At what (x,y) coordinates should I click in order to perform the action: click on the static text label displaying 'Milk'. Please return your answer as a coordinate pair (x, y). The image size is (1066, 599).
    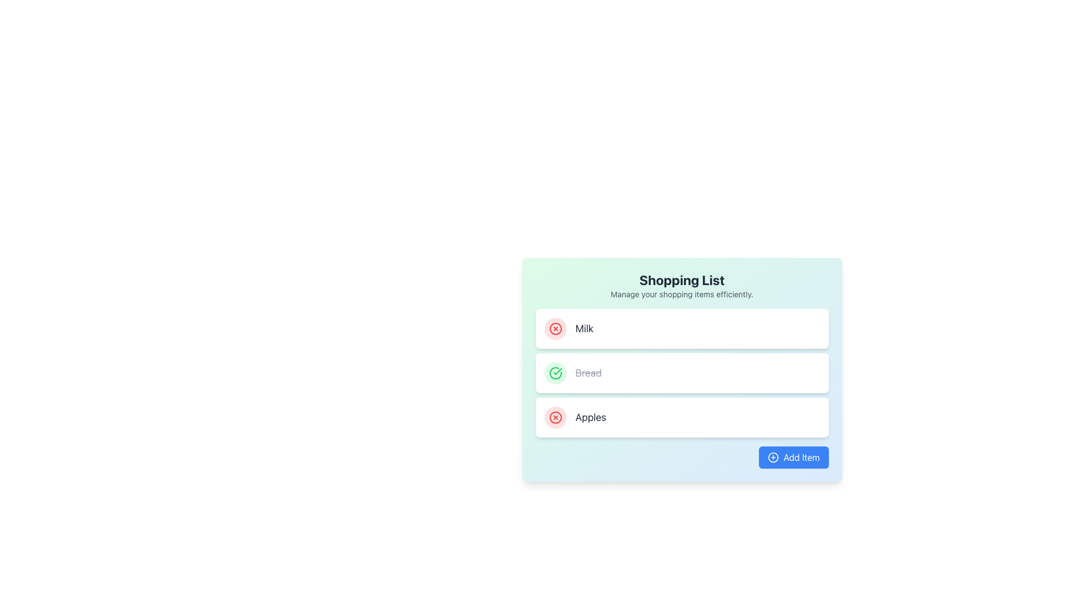
    Looking at the image, I should click on (584, 328).